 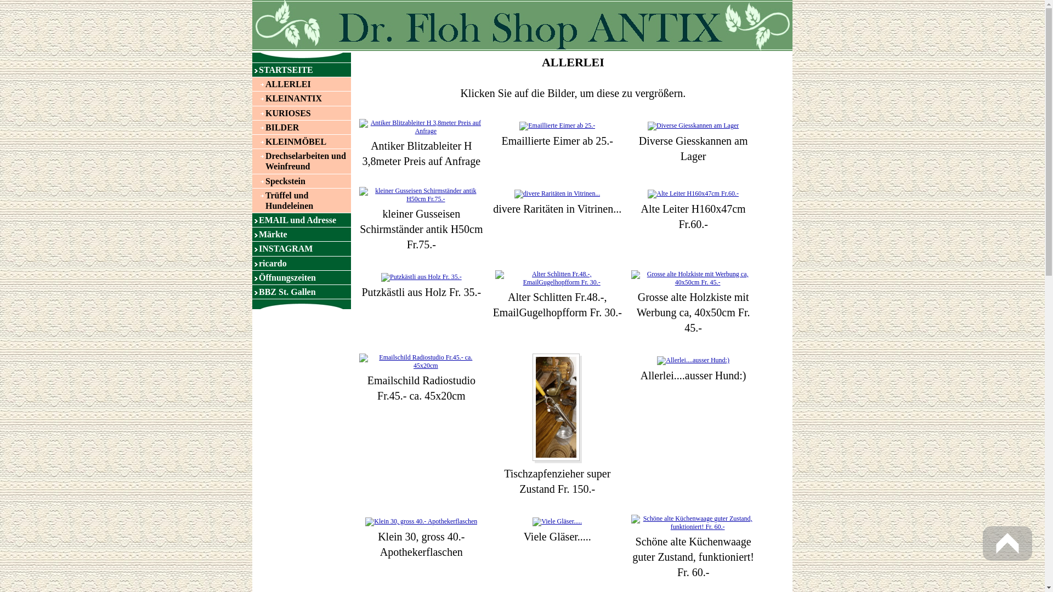 What do you see at coordinates (557, 124) in the screenshot?
I see `'Emaillierte Eimer ab 25.-'` at bounding box center [557, 124].